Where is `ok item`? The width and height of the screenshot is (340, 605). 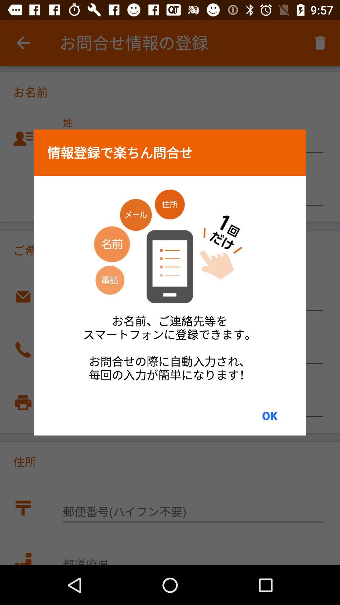
ok item is located at coordinates (269, 416).